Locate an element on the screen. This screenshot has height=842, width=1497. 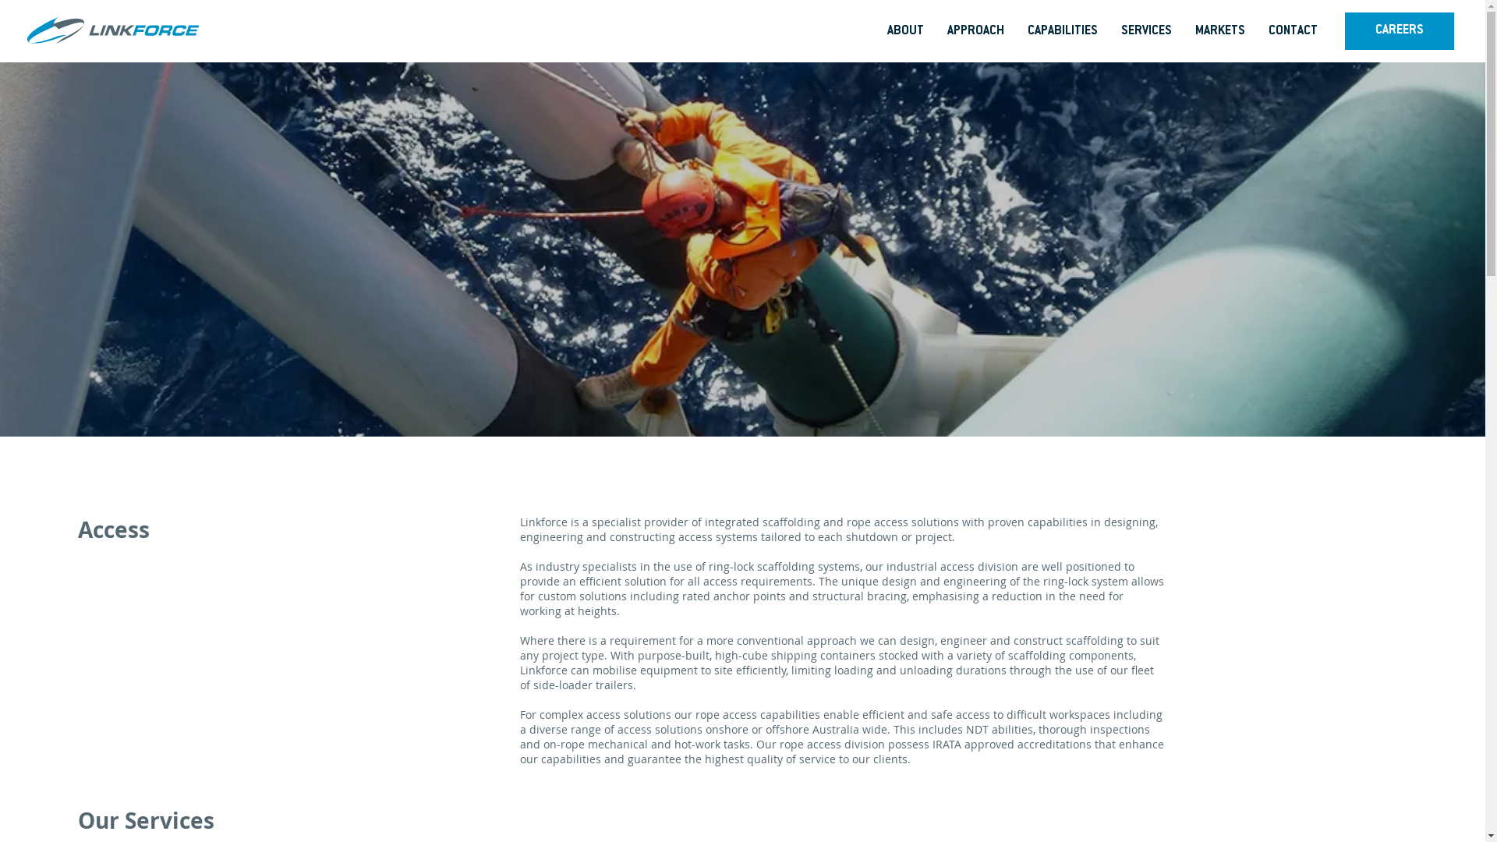
'CONTACT' is located at coordinates (1257, 31).